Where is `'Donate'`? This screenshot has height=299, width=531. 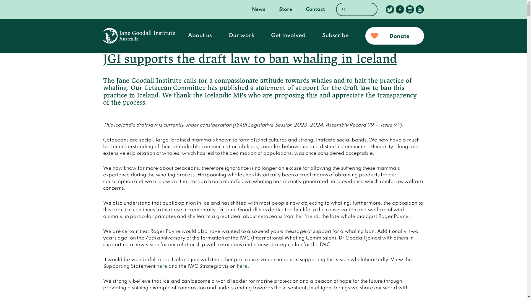 'Donate' is located at coordinates (394, 36).